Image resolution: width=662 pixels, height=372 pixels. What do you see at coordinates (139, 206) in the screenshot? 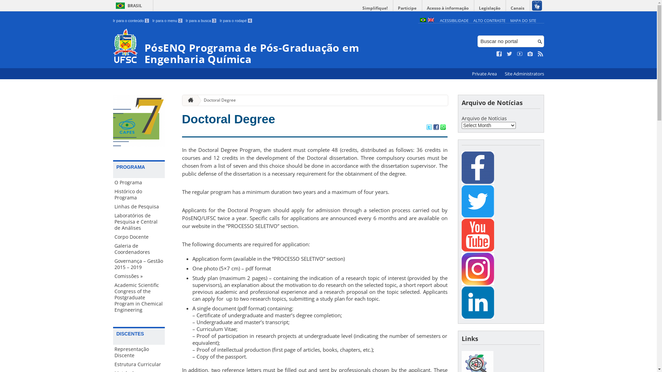
I see `'Linhas de Pesquisa'` at bounding box center [139, 206].